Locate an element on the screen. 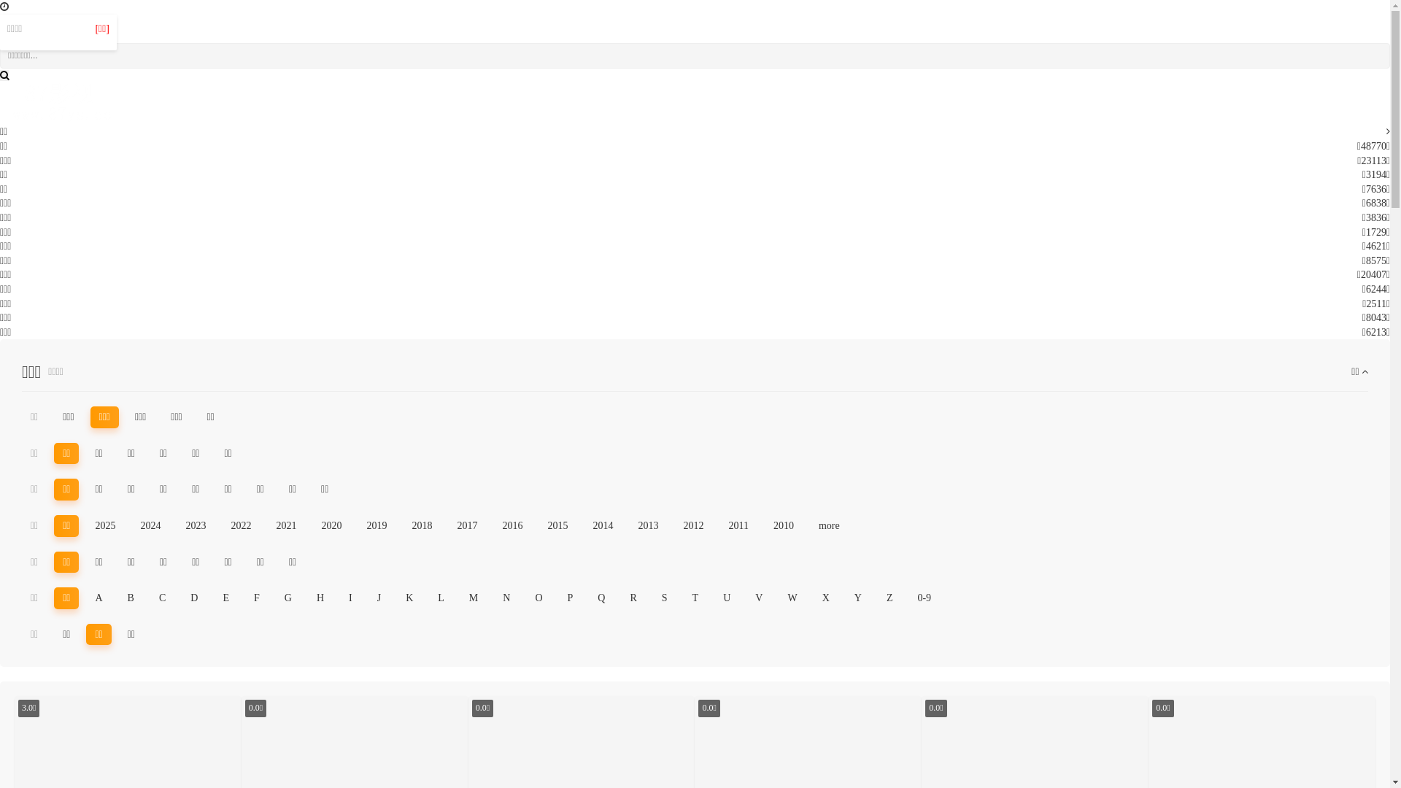 The width and height of the screenshot is (1401, 788). 'N' is located at coordinates (506, 598).